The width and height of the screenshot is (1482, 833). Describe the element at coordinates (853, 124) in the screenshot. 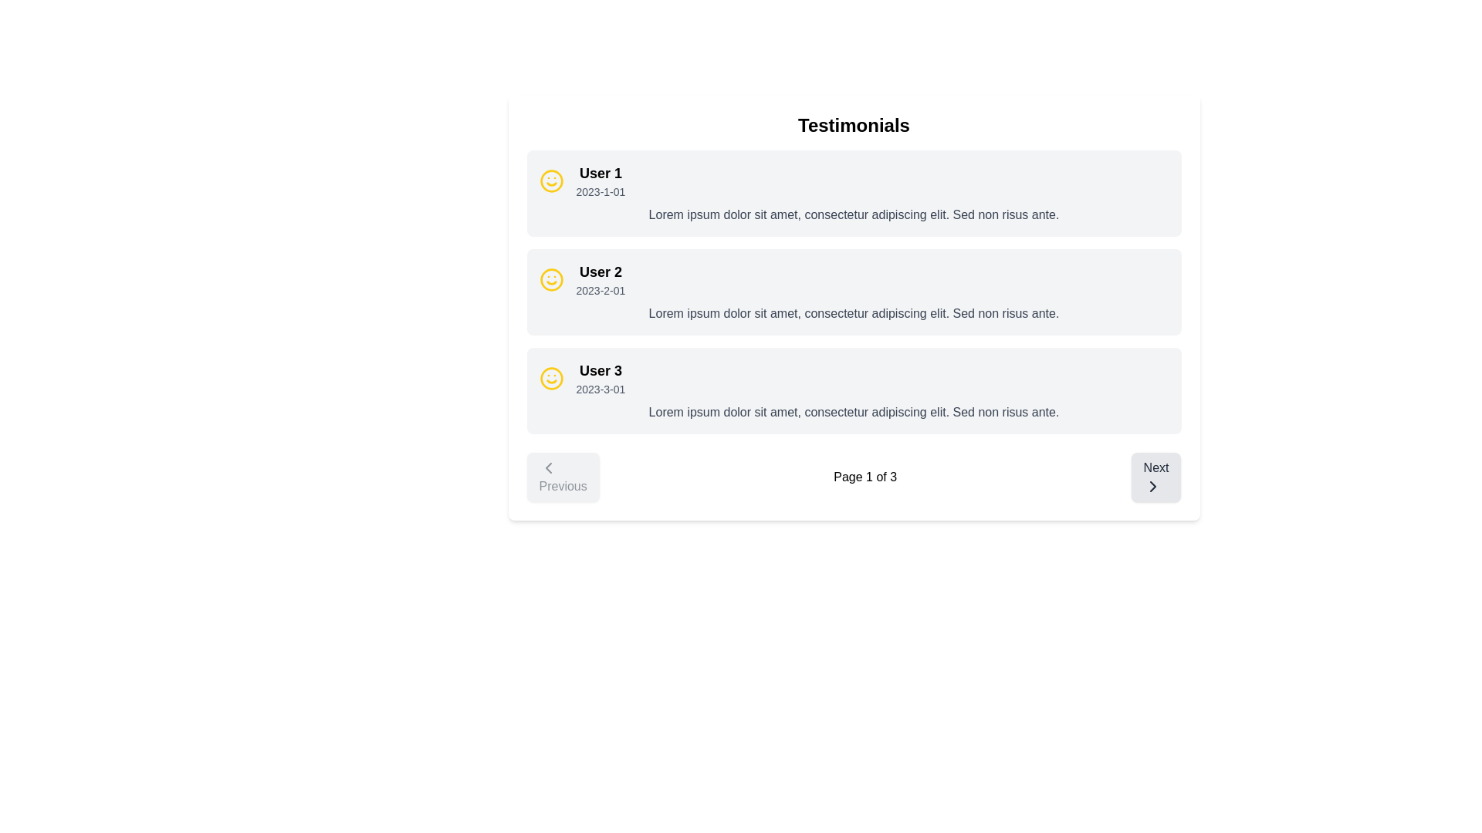

I see `the centered title text 'Testimonials', which is styled with a bold and large font size and positioned at the top of the section, just above the testimonial cards` at that location.